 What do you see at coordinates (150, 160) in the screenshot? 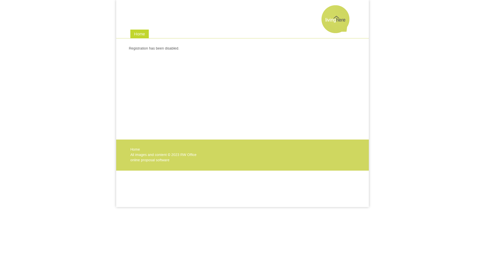
I see `'online proposal software'` at bounding box center [150, 160].